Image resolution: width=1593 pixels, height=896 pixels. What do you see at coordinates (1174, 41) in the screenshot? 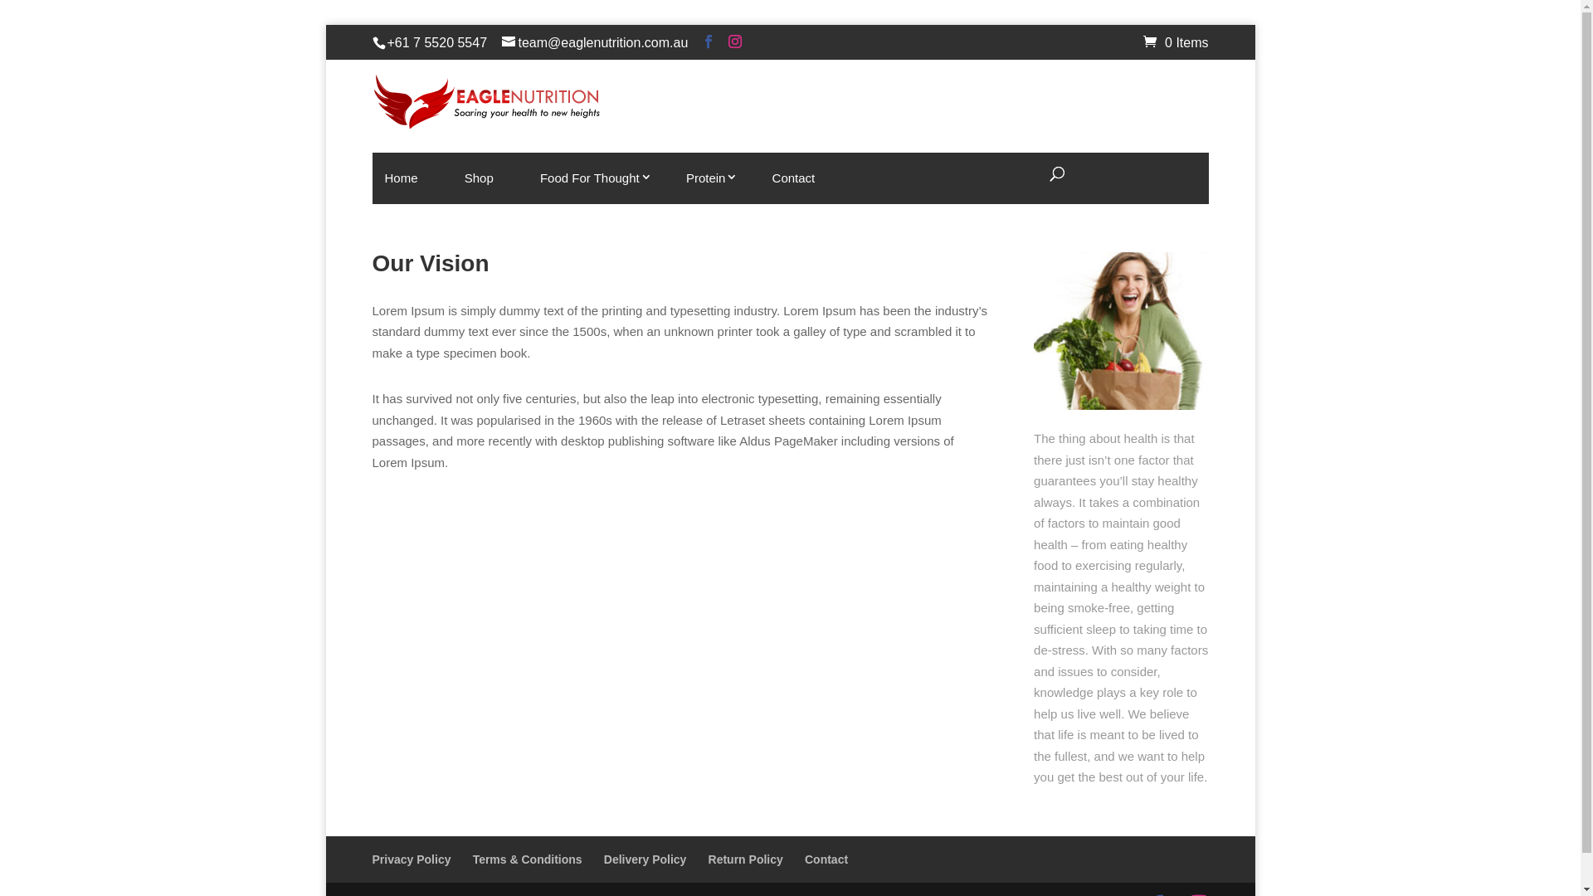
I see `'0 Items'` at bounding box center [1174, 41].